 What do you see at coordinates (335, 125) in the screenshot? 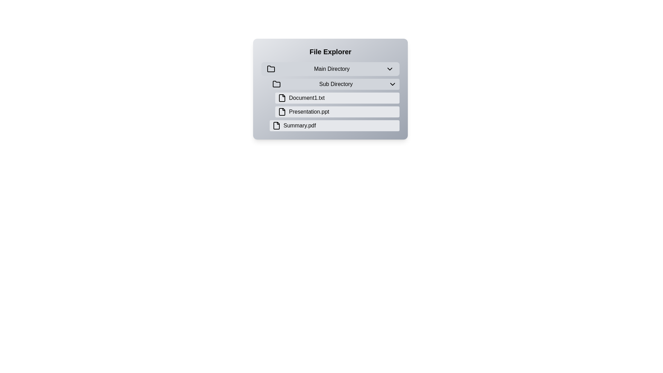
I see `the 'Summary.pdf' button located under the 'Sub Directory' section, which has a light gray background and is the third item listed` at bounding box center [335, 125].